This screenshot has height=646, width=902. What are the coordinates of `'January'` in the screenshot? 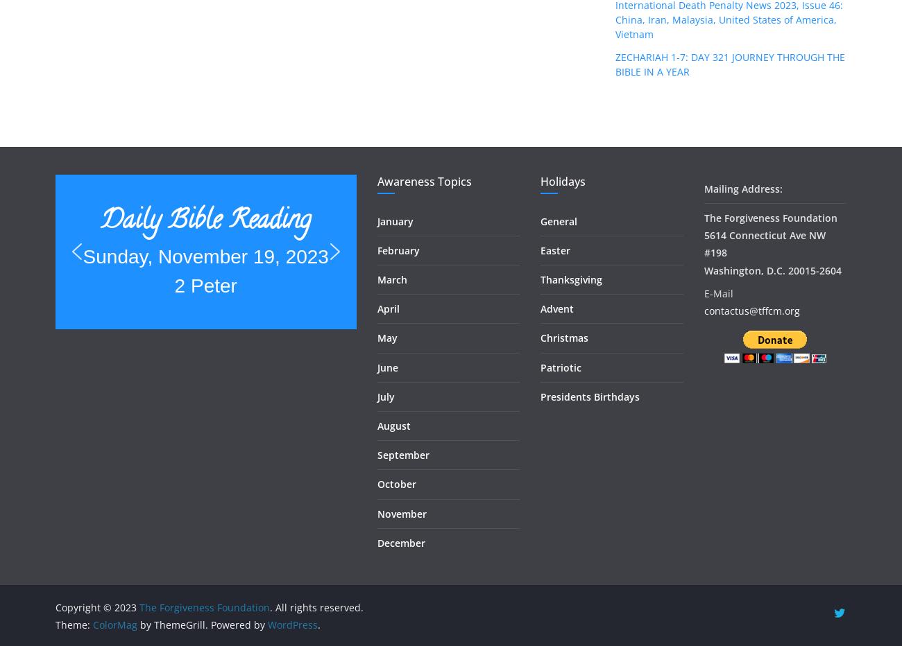 It's located at (394, 220).